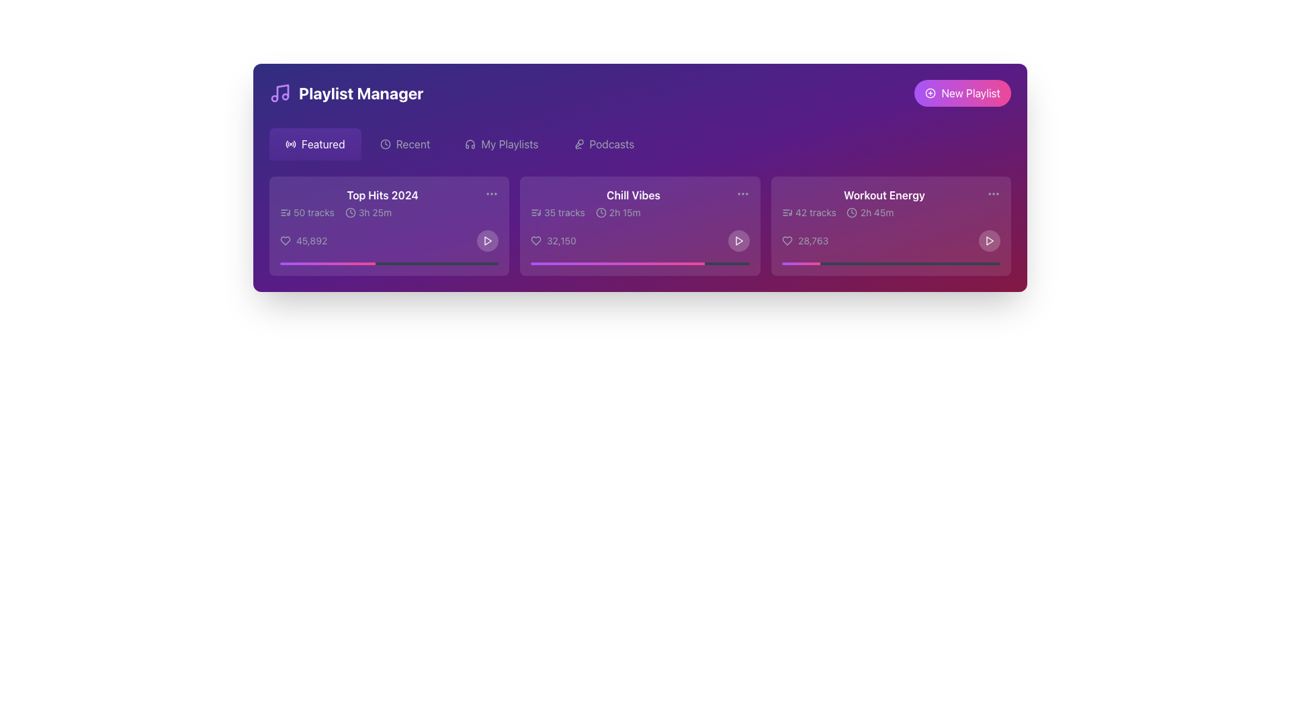 The image size is (1290, 725). I want to click on displayed text '35 tracks' from the static text label with an icon located in the 'Chill Vibes' section of the second card, so click(558, 211).